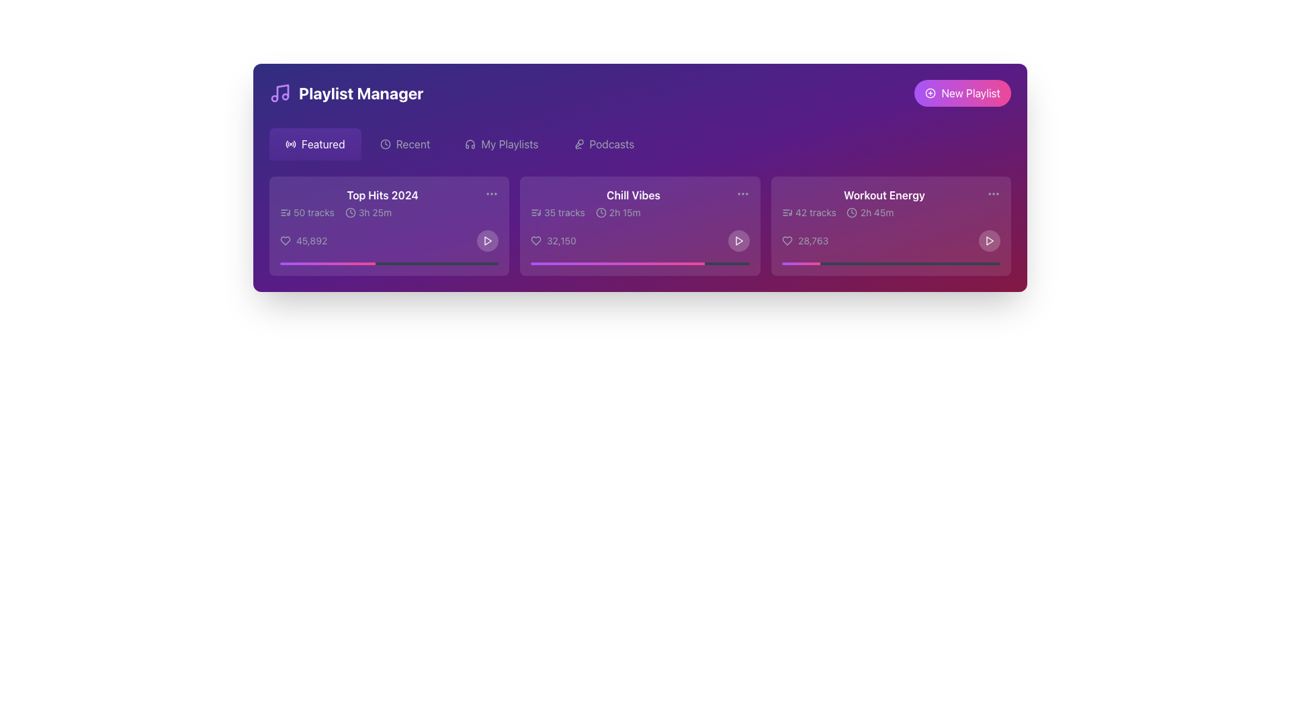 The image size is (1290, 725). I want to click on displayed text '35 tracks' from the static text label with an icon located in the 'Chill Vibes' section of the second card, so click(558, 211).